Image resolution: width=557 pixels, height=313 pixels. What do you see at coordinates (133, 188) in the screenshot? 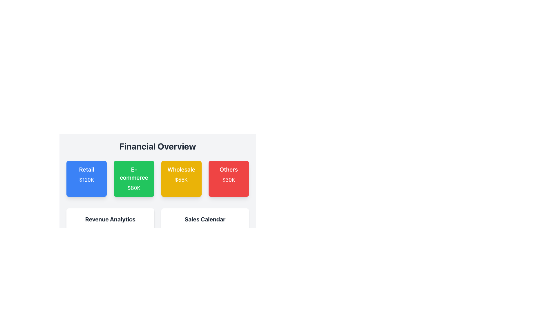
I see `the Text label displaying '$80K' in white font on a green background` at bounding box center [133, 188].